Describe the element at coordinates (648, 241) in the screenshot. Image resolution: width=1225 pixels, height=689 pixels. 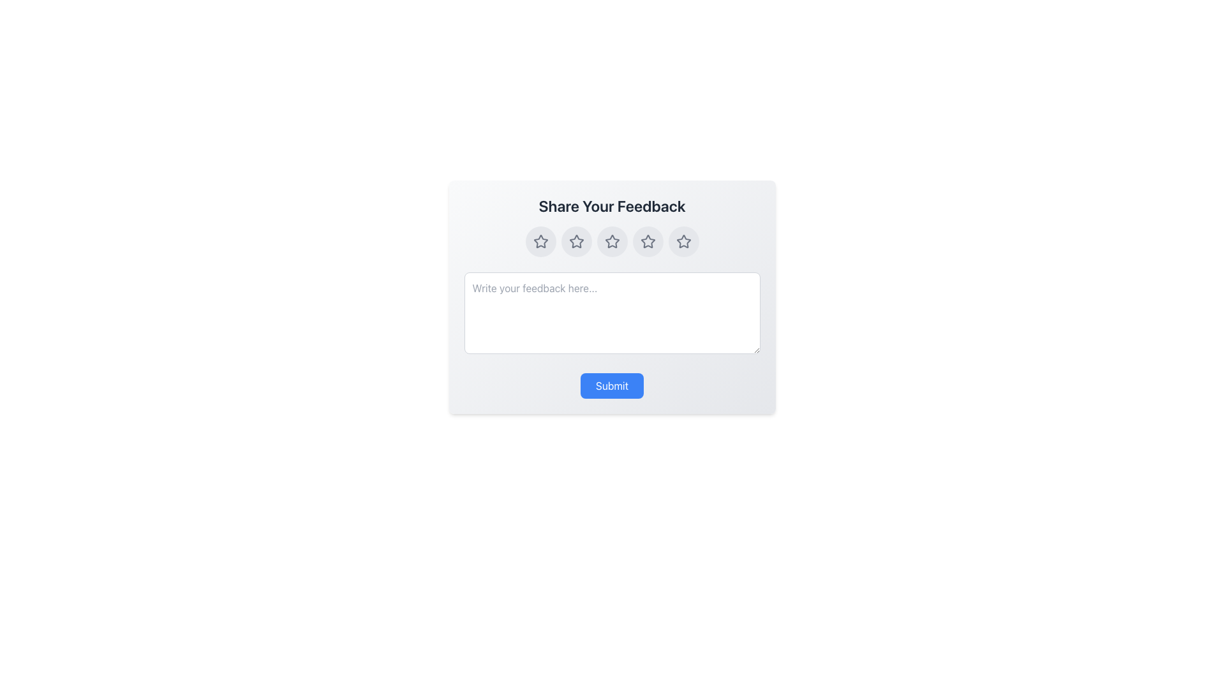
I see `the fourth star icon in the feedback popup` at that location.